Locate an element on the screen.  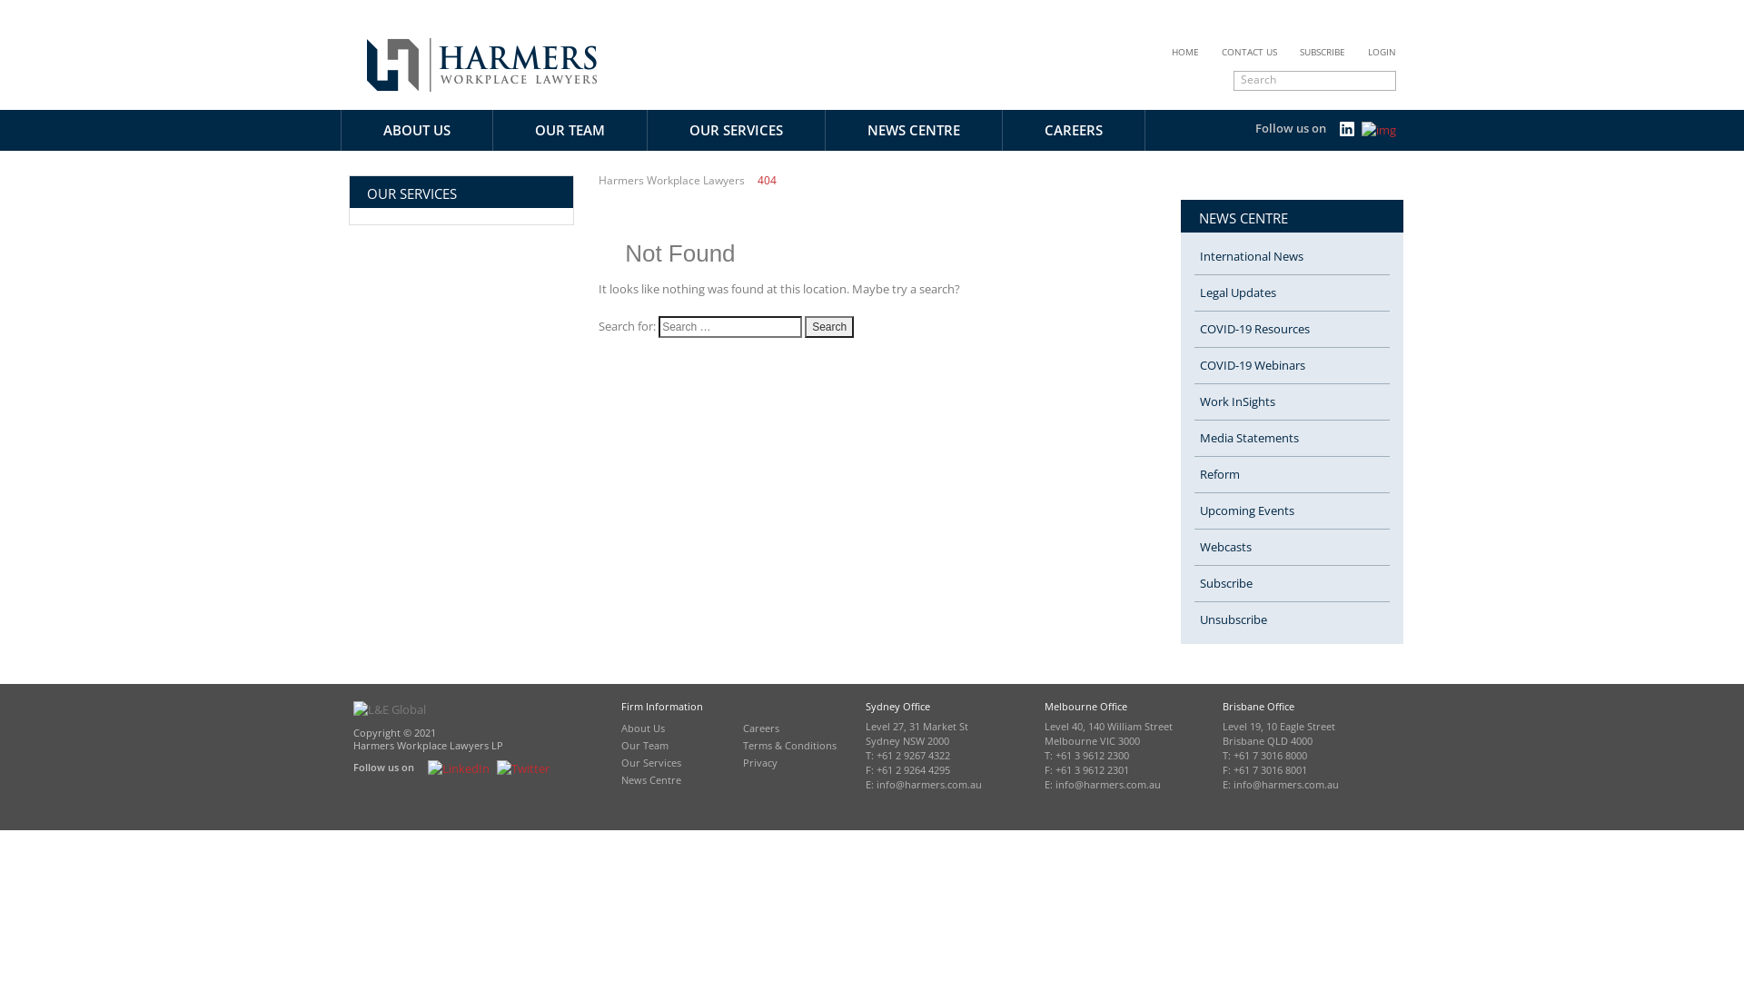
'News Centre' is located at coordinates (650, 778).